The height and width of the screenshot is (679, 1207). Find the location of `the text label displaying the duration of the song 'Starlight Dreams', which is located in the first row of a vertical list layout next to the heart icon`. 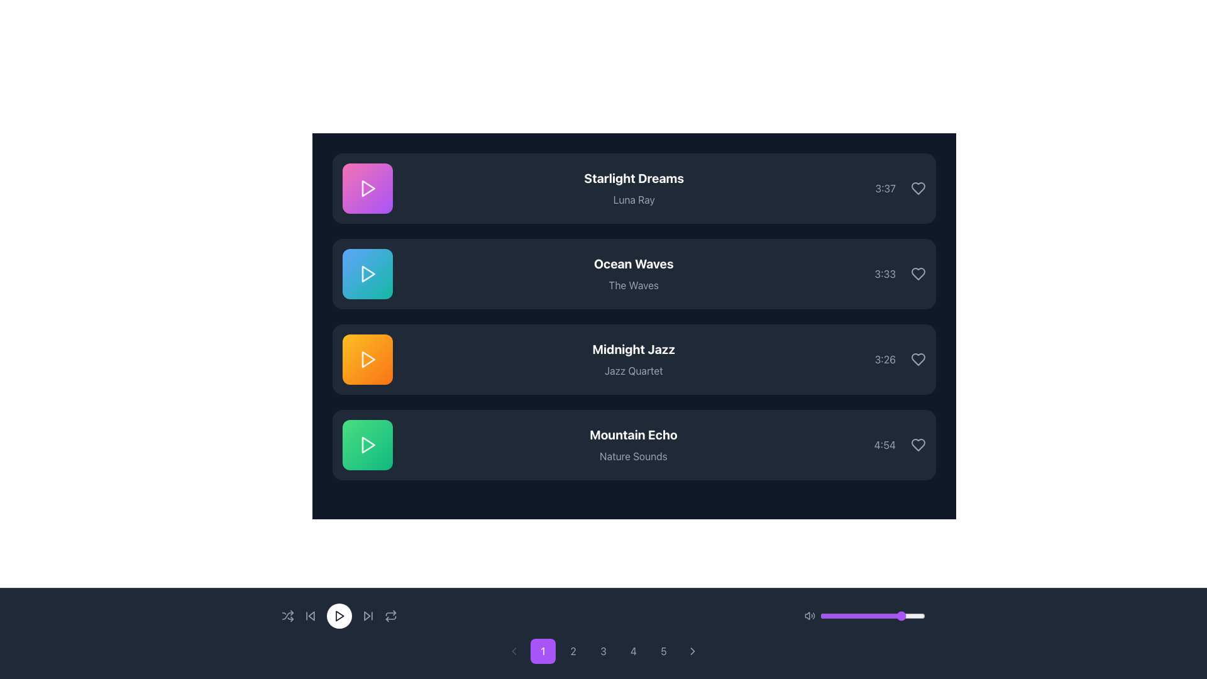

the text label displaying the duration of the song 'Starlight Dreams', which is located in the first row of a vertical list layout next to the heart icon is located at coordinates (885, 189).